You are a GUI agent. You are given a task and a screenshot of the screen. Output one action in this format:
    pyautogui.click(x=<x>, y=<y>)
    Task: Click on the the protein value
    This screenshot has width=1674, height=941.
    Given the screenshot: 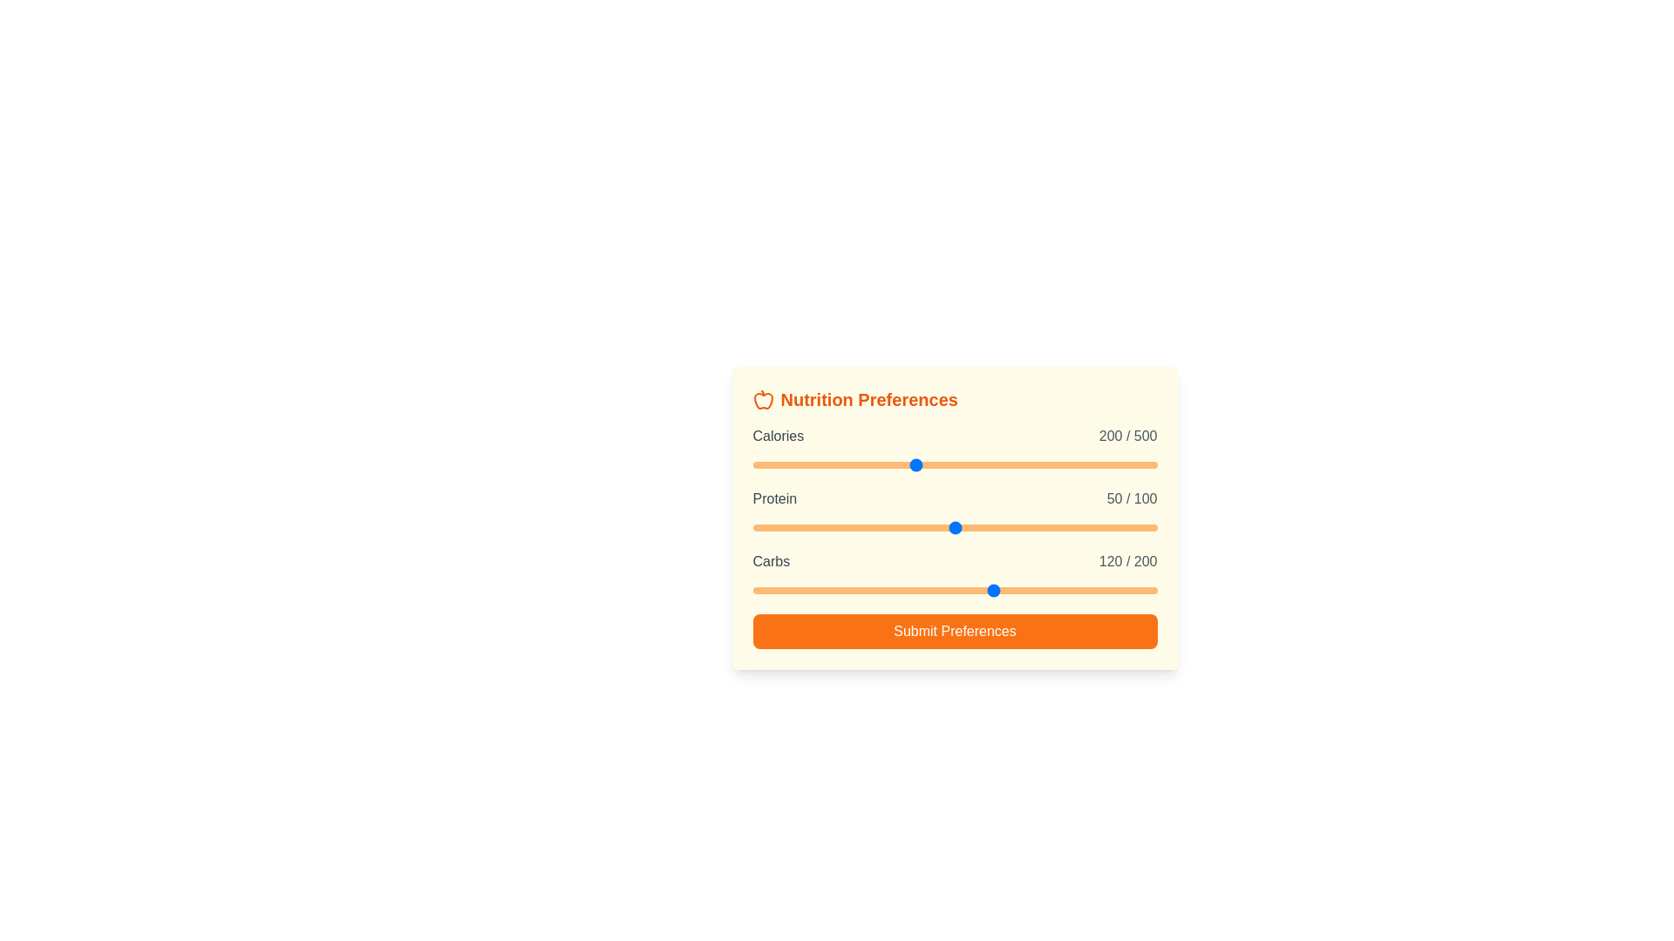 What is the action you would take?
    pyautogui.click(x=1153, y=526)
    